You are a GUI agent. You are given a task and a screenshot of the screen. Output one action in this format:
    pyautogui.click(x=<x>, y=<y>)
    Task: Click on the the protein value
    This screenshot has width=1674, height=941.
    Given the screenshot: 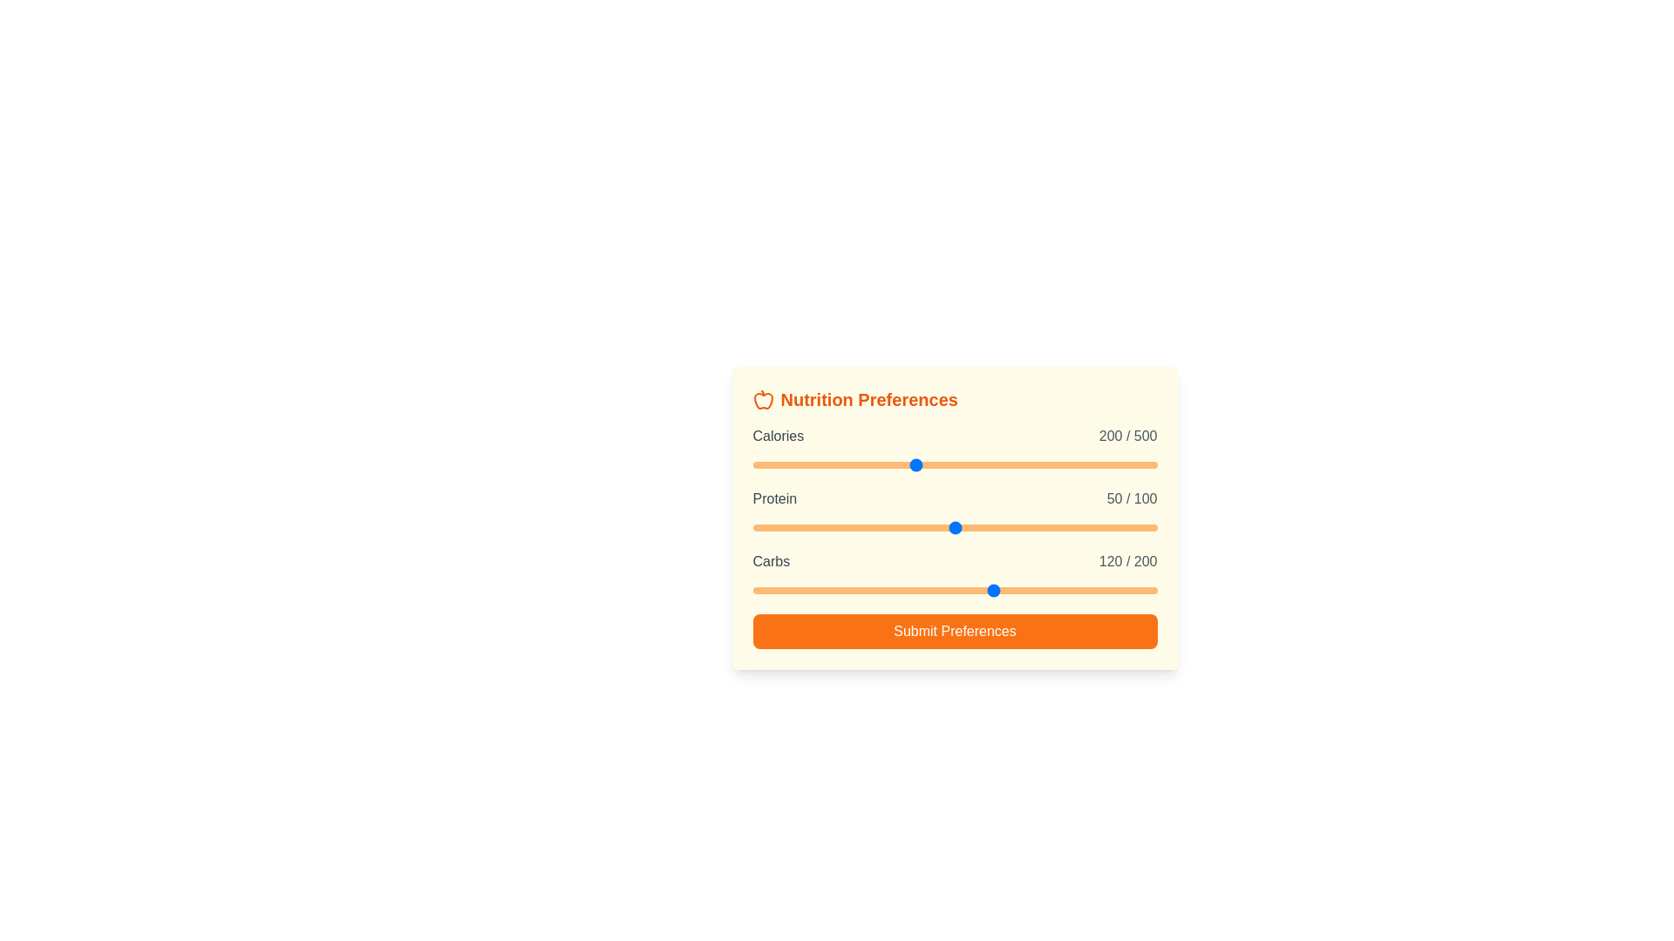 What is the action you would take?
    pyautogui.click(x=1153, y=526)
    